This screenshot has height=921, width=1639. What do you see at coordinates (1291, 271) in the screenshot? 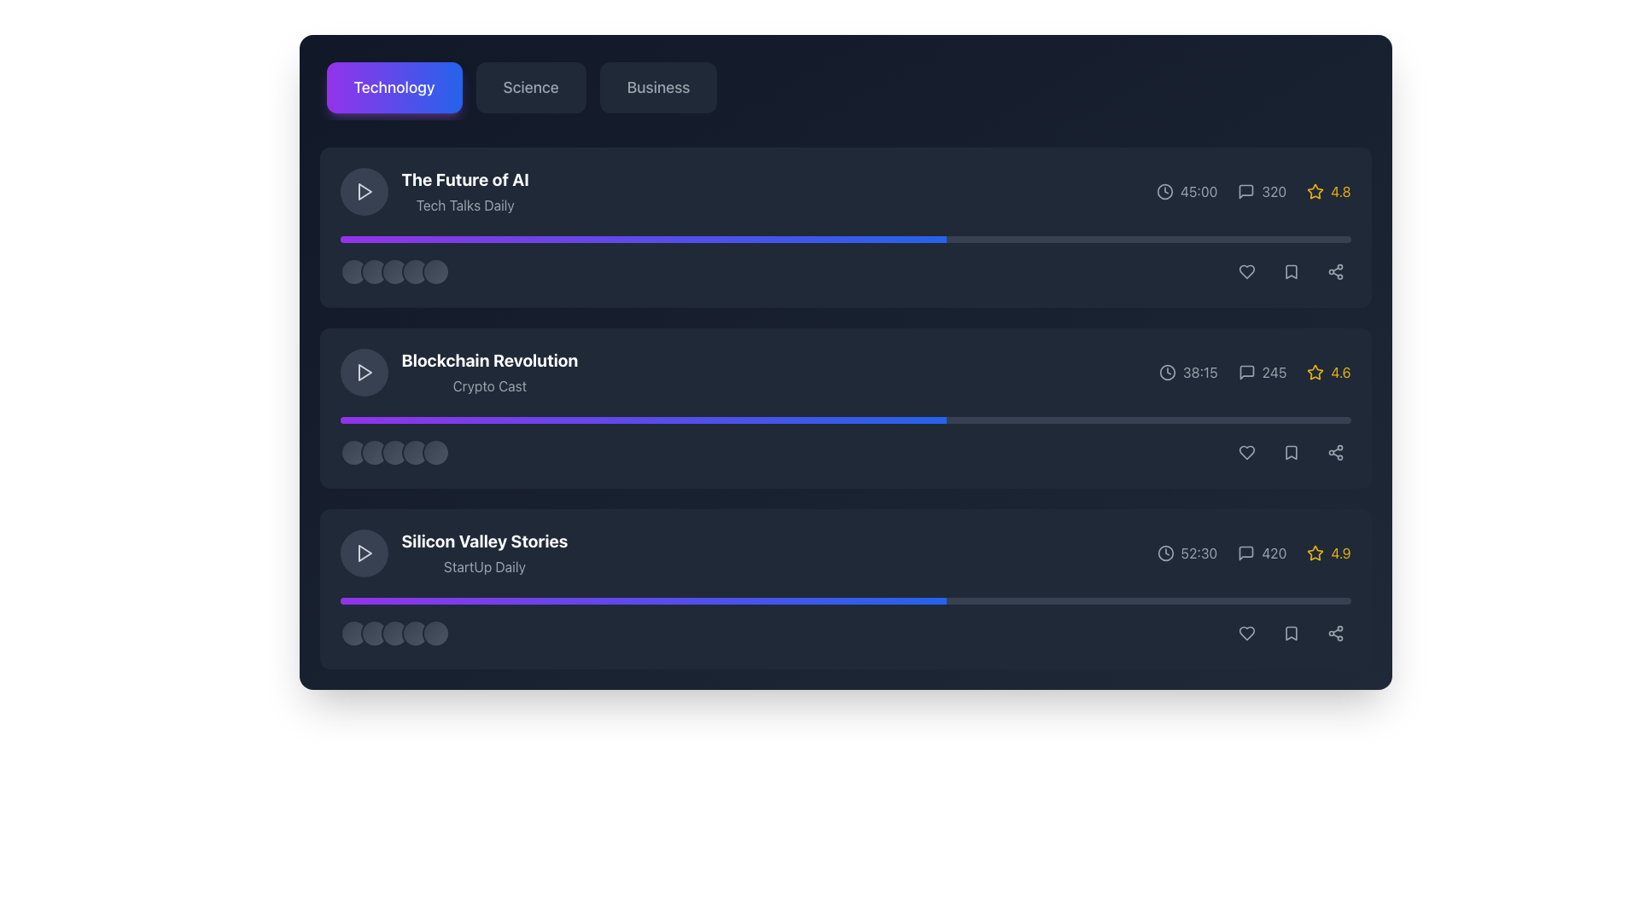
I see `the bookmark icon located to the right of the 'The Future of AI' list item` at bounding box center [1291, 271].